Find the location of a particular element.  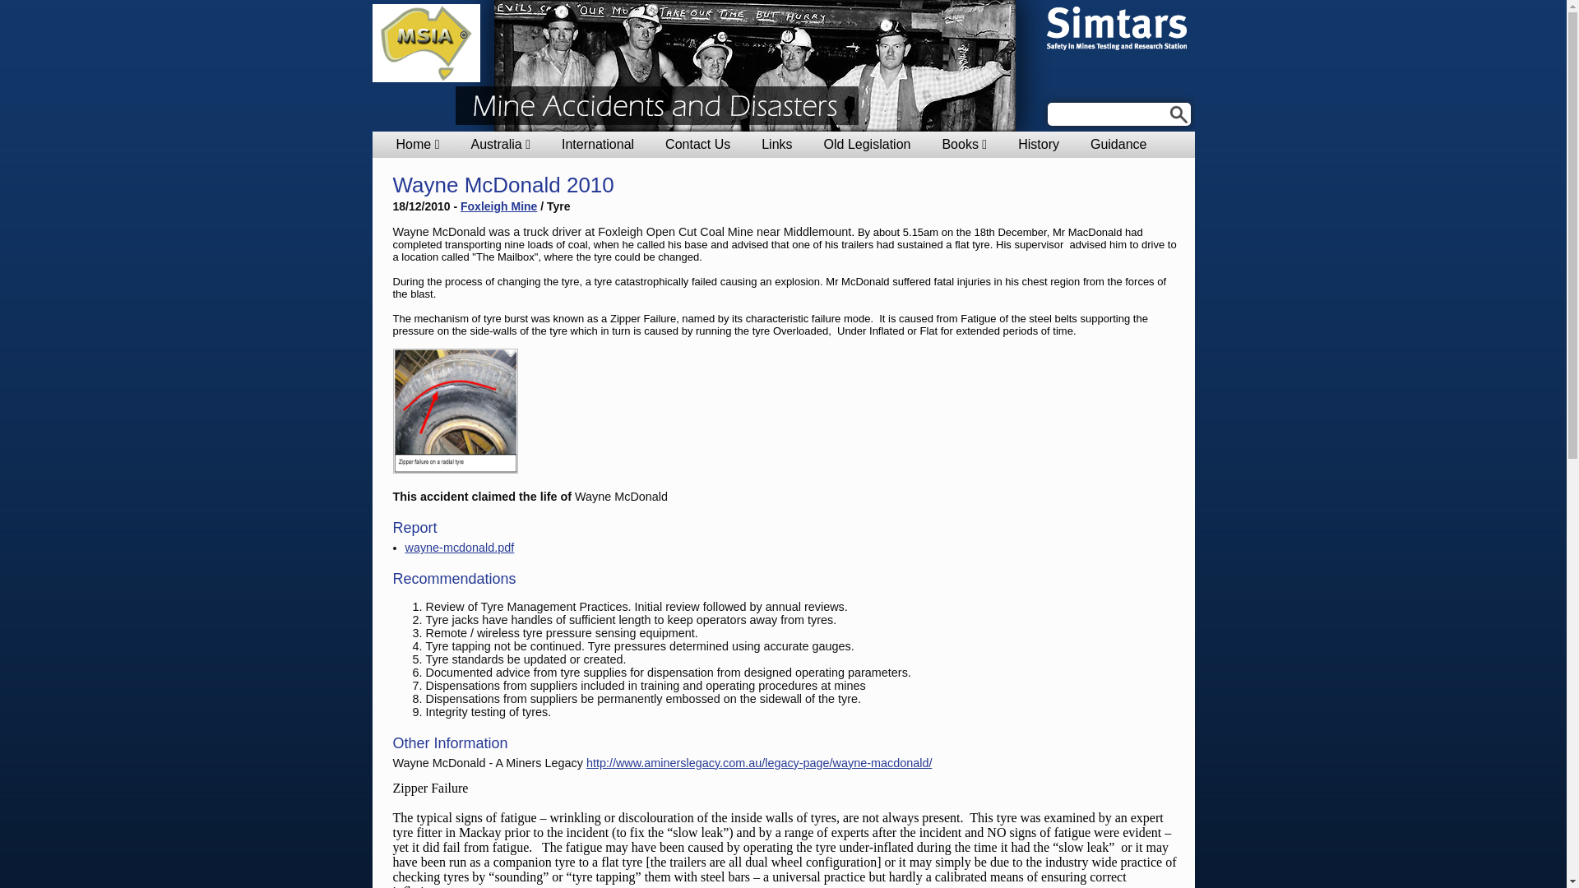

'Recommendations' is located at coordinates (454, 578).